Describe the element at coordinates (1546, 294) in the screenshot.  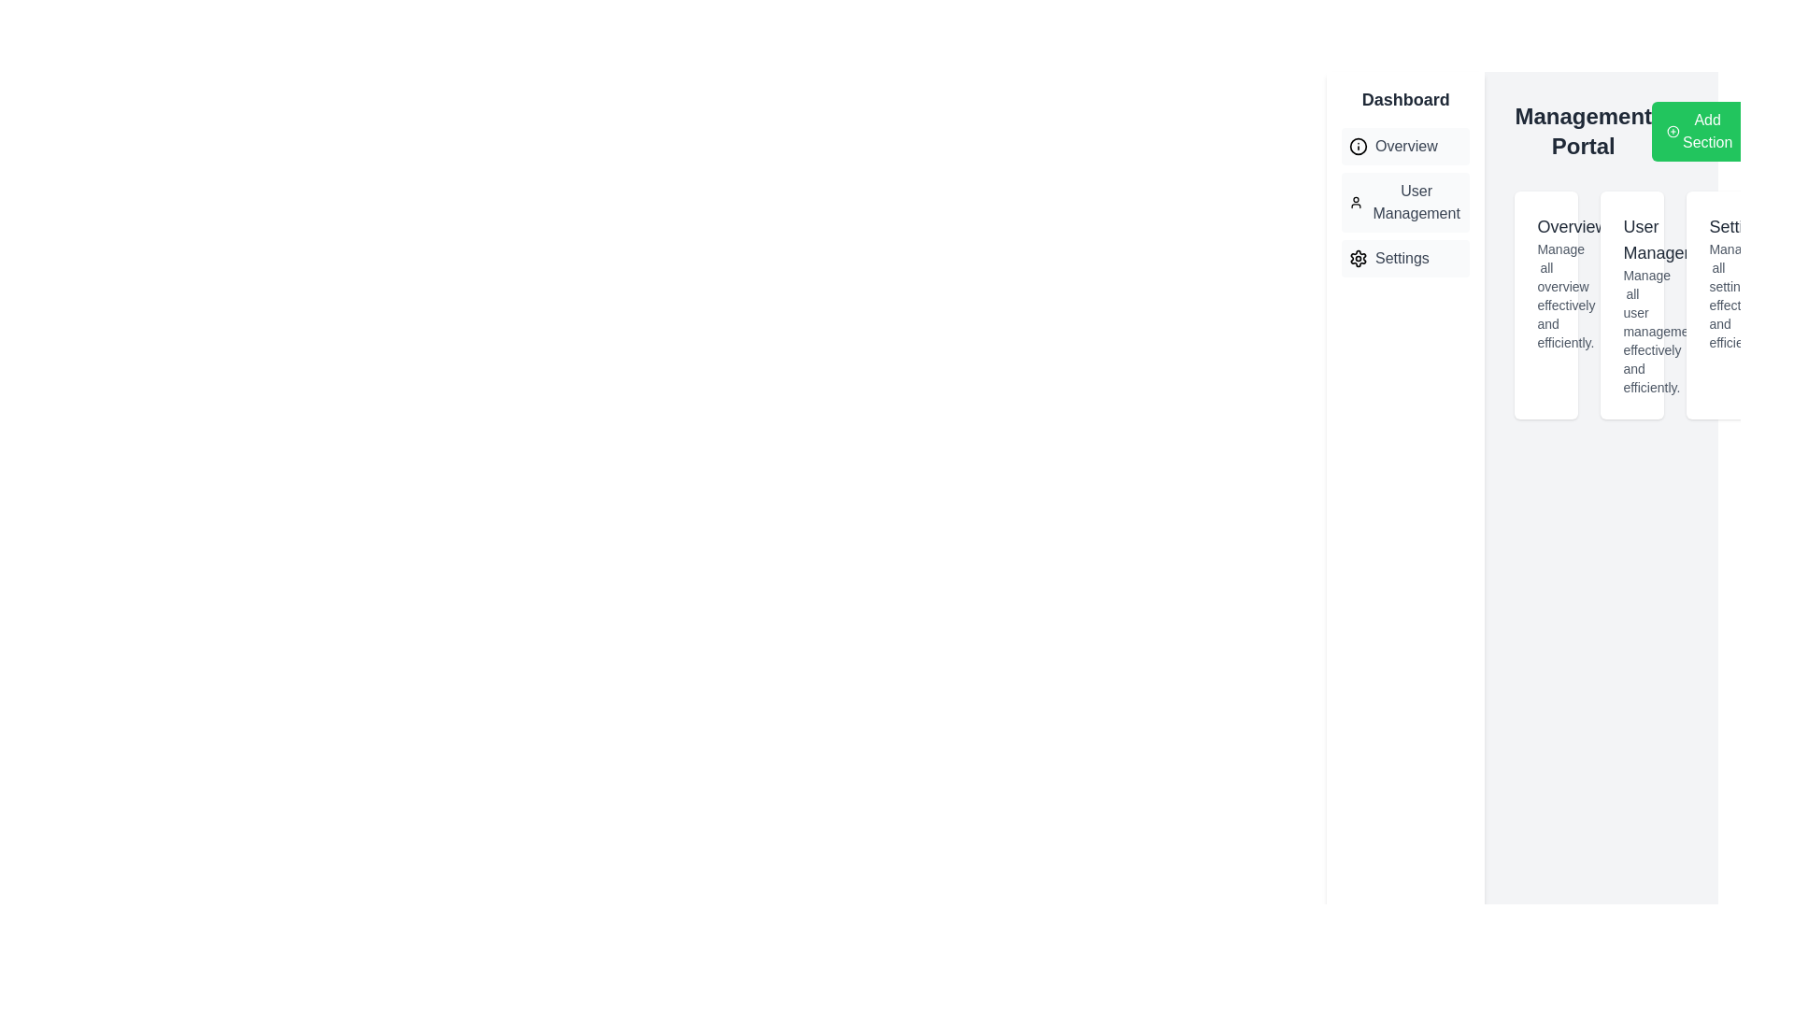
I see `text displayed in the small gray font, 'Manage all overview effectively and efficiently.' located beneath the title 'Overview' within the white rectangular card on the Management Portal page` at that location.